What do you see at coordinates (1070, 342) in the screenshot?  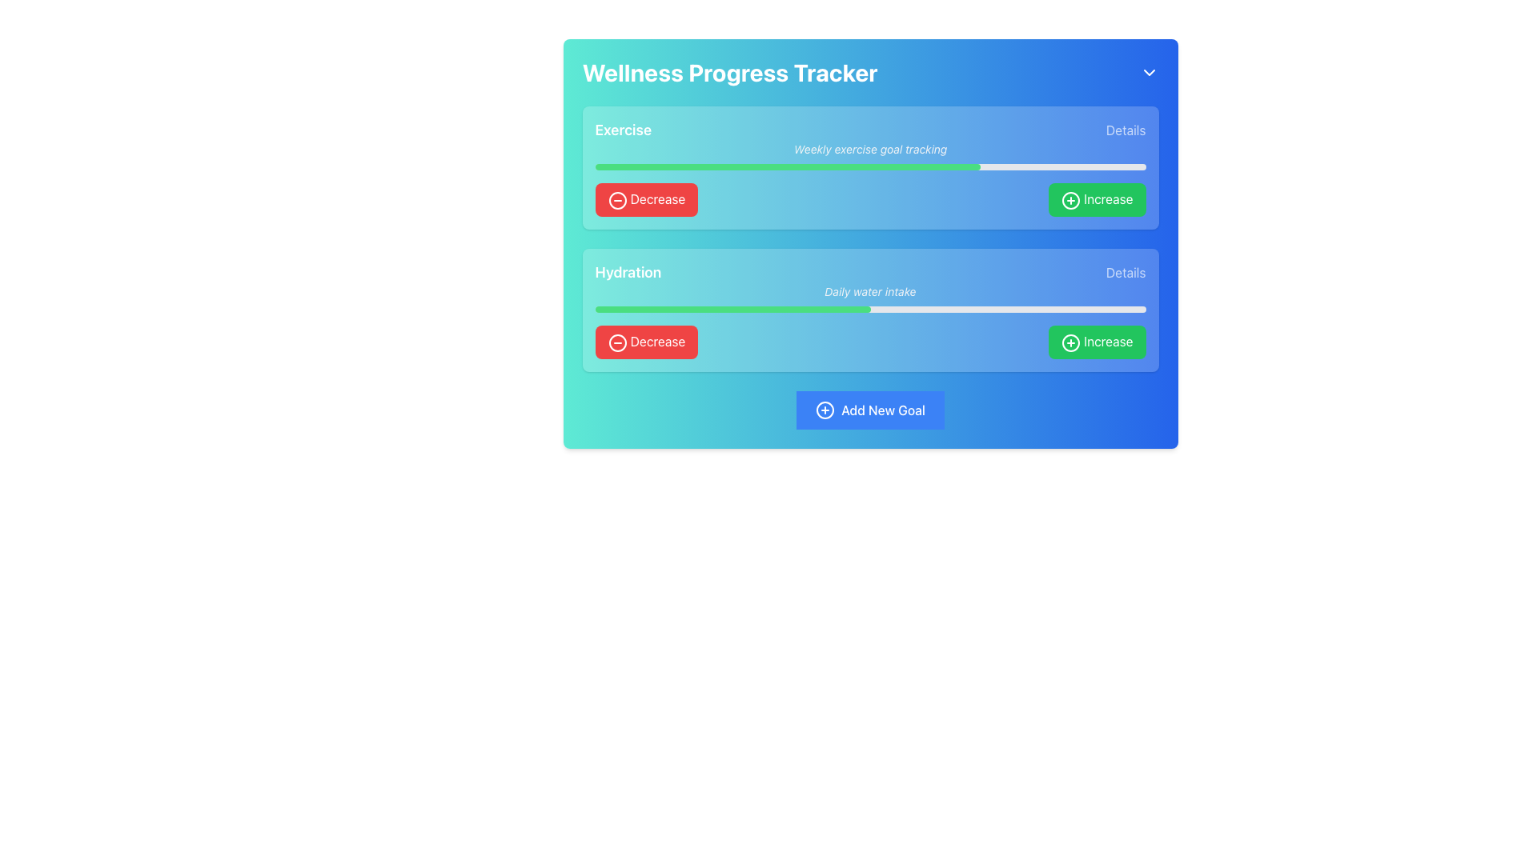 I see `the plus icon centered inside the green button labeled 'Increase', located on the right side of the section labeled 'Daily water intake'` at bounding box center [1070, 342].